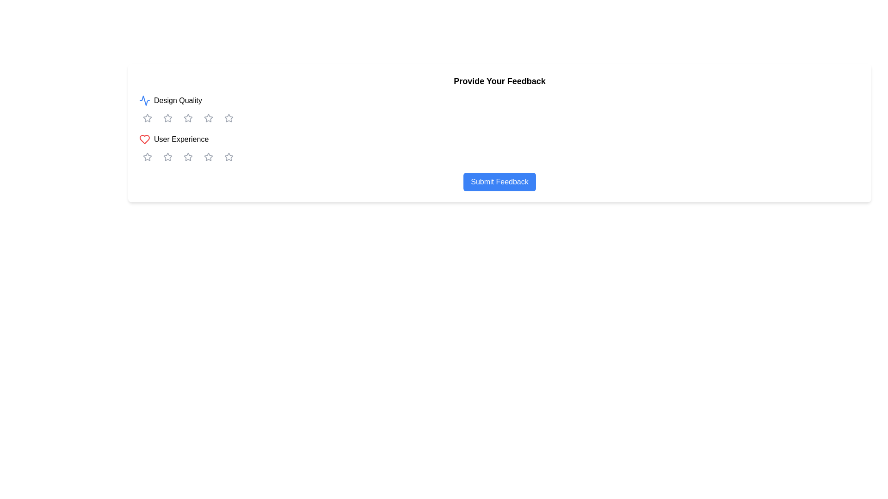 This screenshot has width=888, height=499. What do you see at coordinates (228, 156) in the screenshot?
I see `the fifth star icon in the horizontal sequence of rating stars under the 'User Experience' category` at bounding box center [228, 156].